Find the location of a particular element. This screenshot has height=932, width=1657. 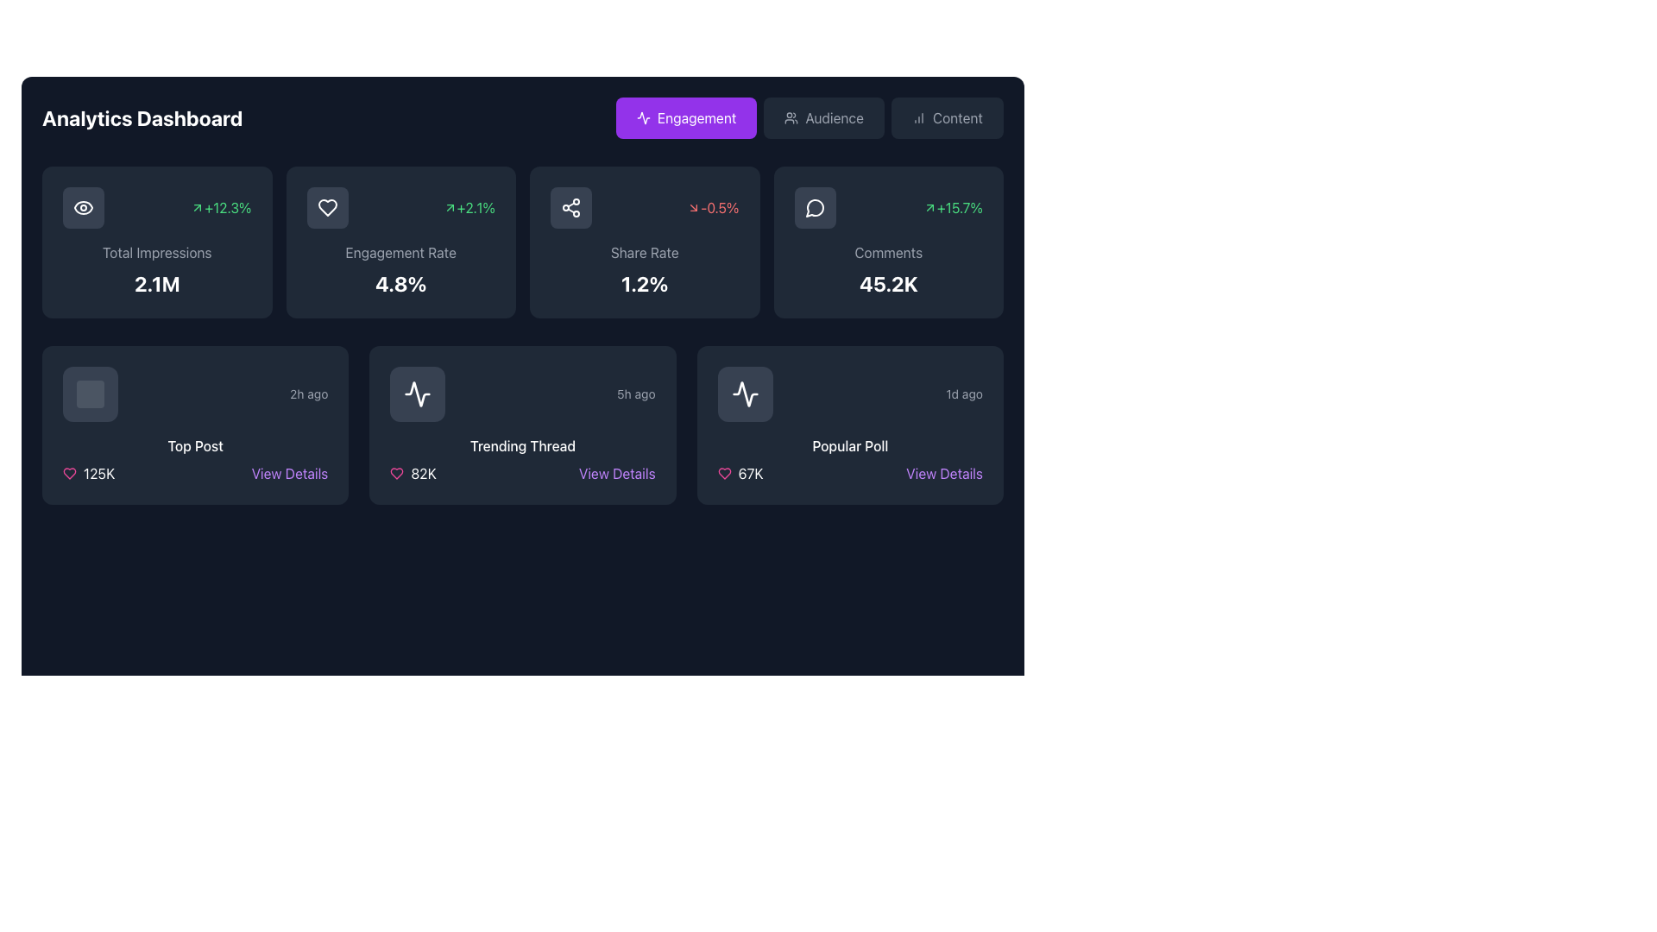

the icon within the 'Content' button located in the top-right section of the interface, which visually represents the concept of content is located at coordinates (918, 117).